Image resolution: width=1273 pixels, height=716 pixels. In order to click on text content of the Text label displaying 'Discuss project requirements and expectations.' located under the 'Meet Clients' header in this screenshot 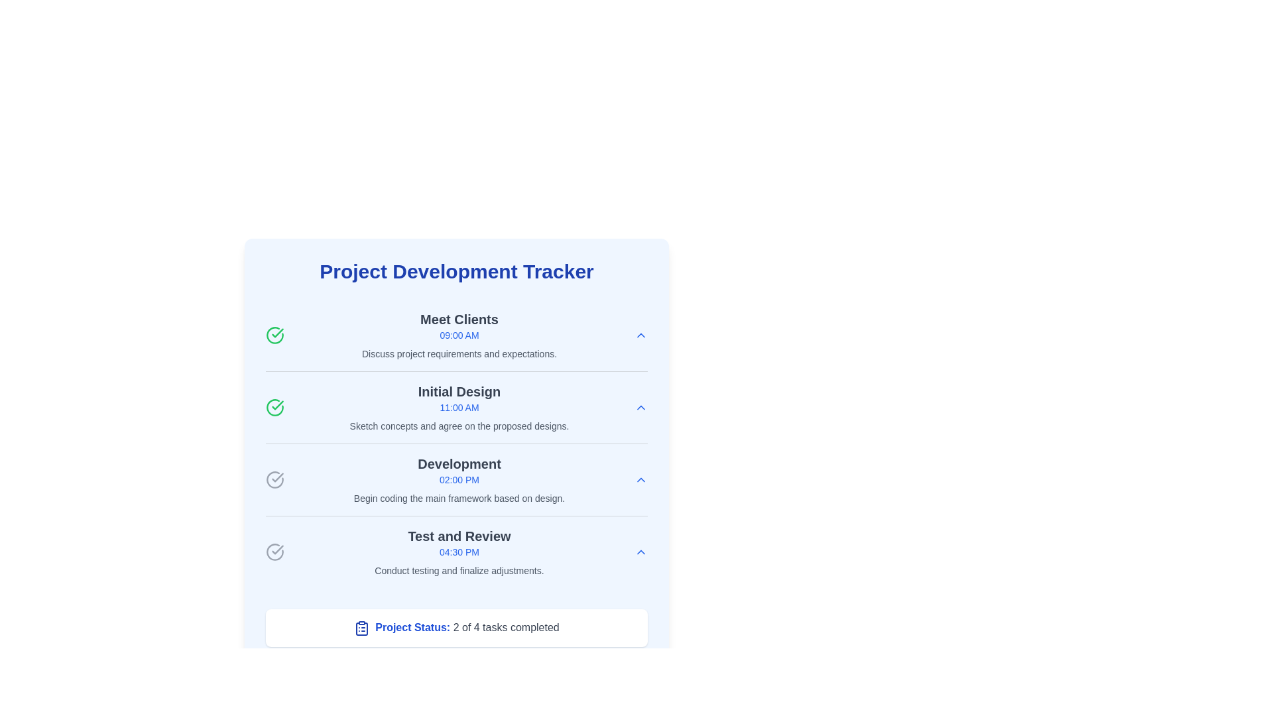, I will do `click(459, 353)`.